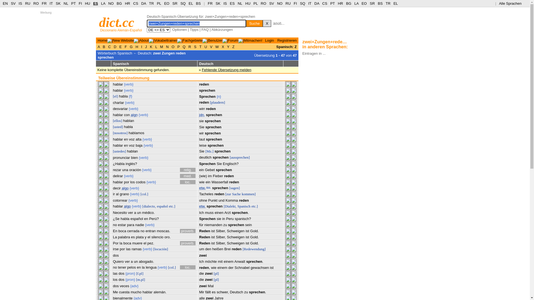  Describe the element at coordinates (117, 188) in the screenshot. I see `'decir'` at that location.